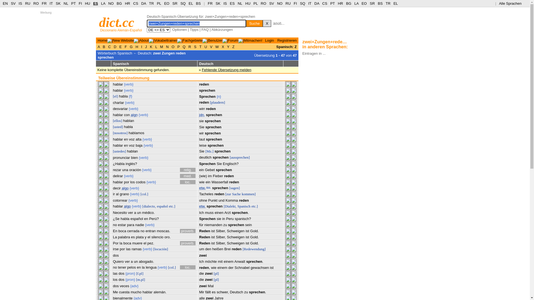  Describe the element at coordinates (117, 188) in the screenshot. I see `'decir'` at that location.